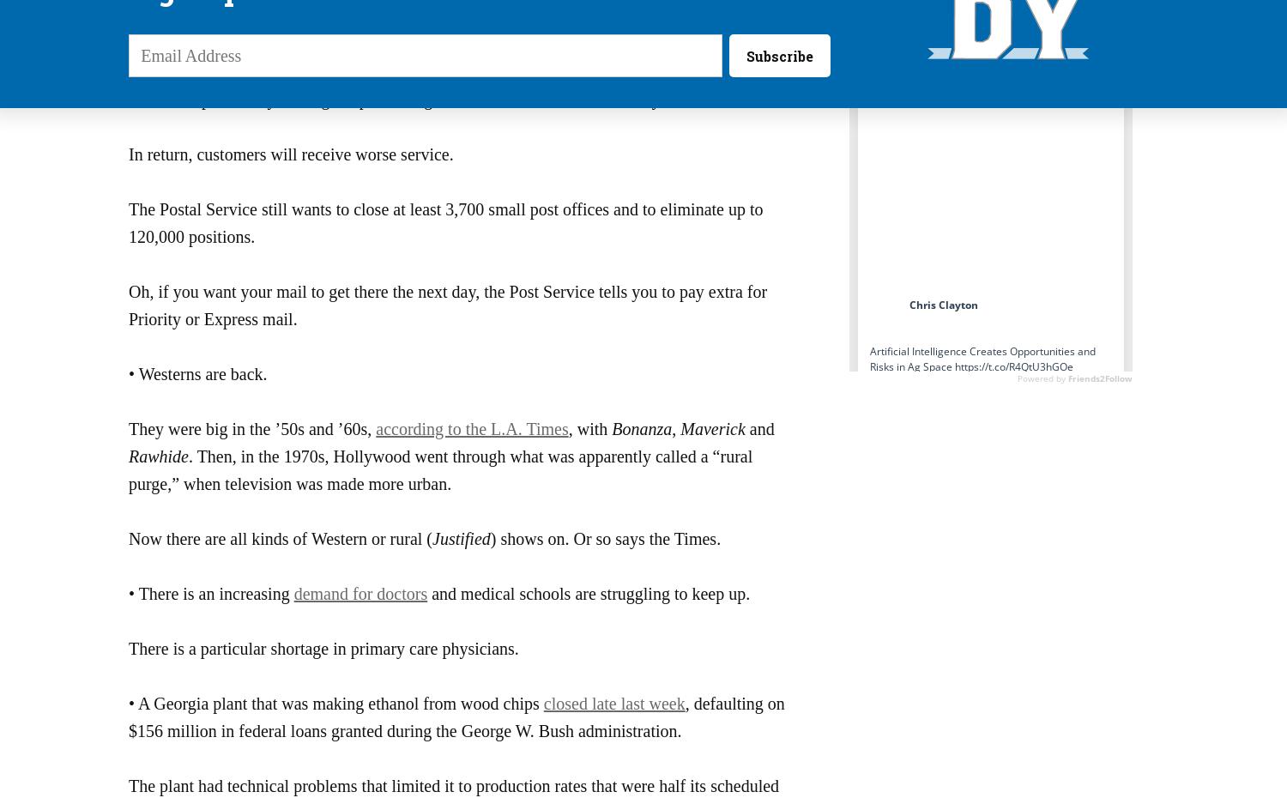 Image resolution: width=1287 pixels, height=804 pixels. What do you see at coordinates (759, 428) in the screenshot?
I see `'and'` at bounding box center [759, 428].